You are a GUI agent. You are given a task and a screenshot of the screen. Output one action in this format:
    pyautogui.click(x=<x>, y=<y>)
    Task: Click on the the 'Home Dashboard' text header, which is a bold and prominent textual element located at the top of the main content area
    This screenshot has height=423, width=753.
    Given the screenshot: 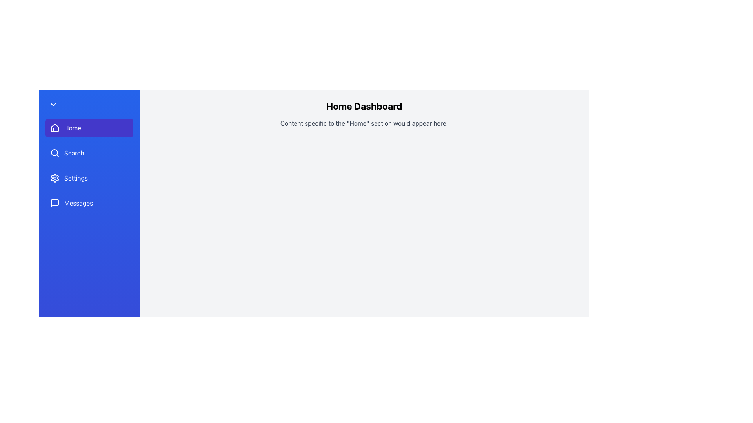 What is the action you would take?
    pyautogui.click(x=364, y=106)
    